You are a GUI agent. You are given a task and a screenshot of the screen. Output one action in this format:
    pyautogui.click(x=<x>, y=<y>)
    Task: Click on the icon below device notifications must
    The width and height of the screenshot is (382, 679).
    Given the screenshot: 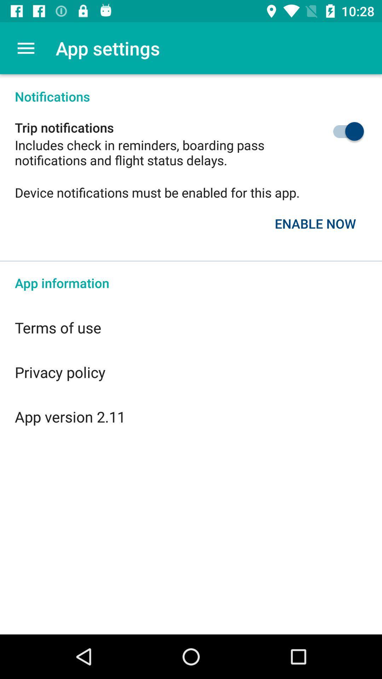 What is the action you would take?
    pyautogui.click(x=315, y=223)
    